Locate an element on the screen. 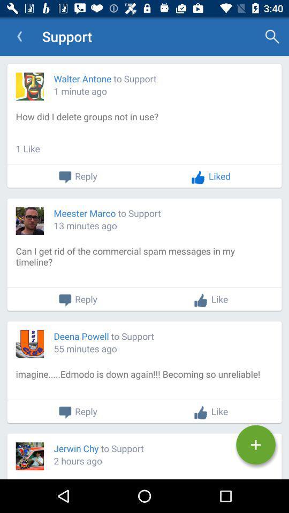  the complete profile information of the first person in the page is located at coordinates (144, 126).